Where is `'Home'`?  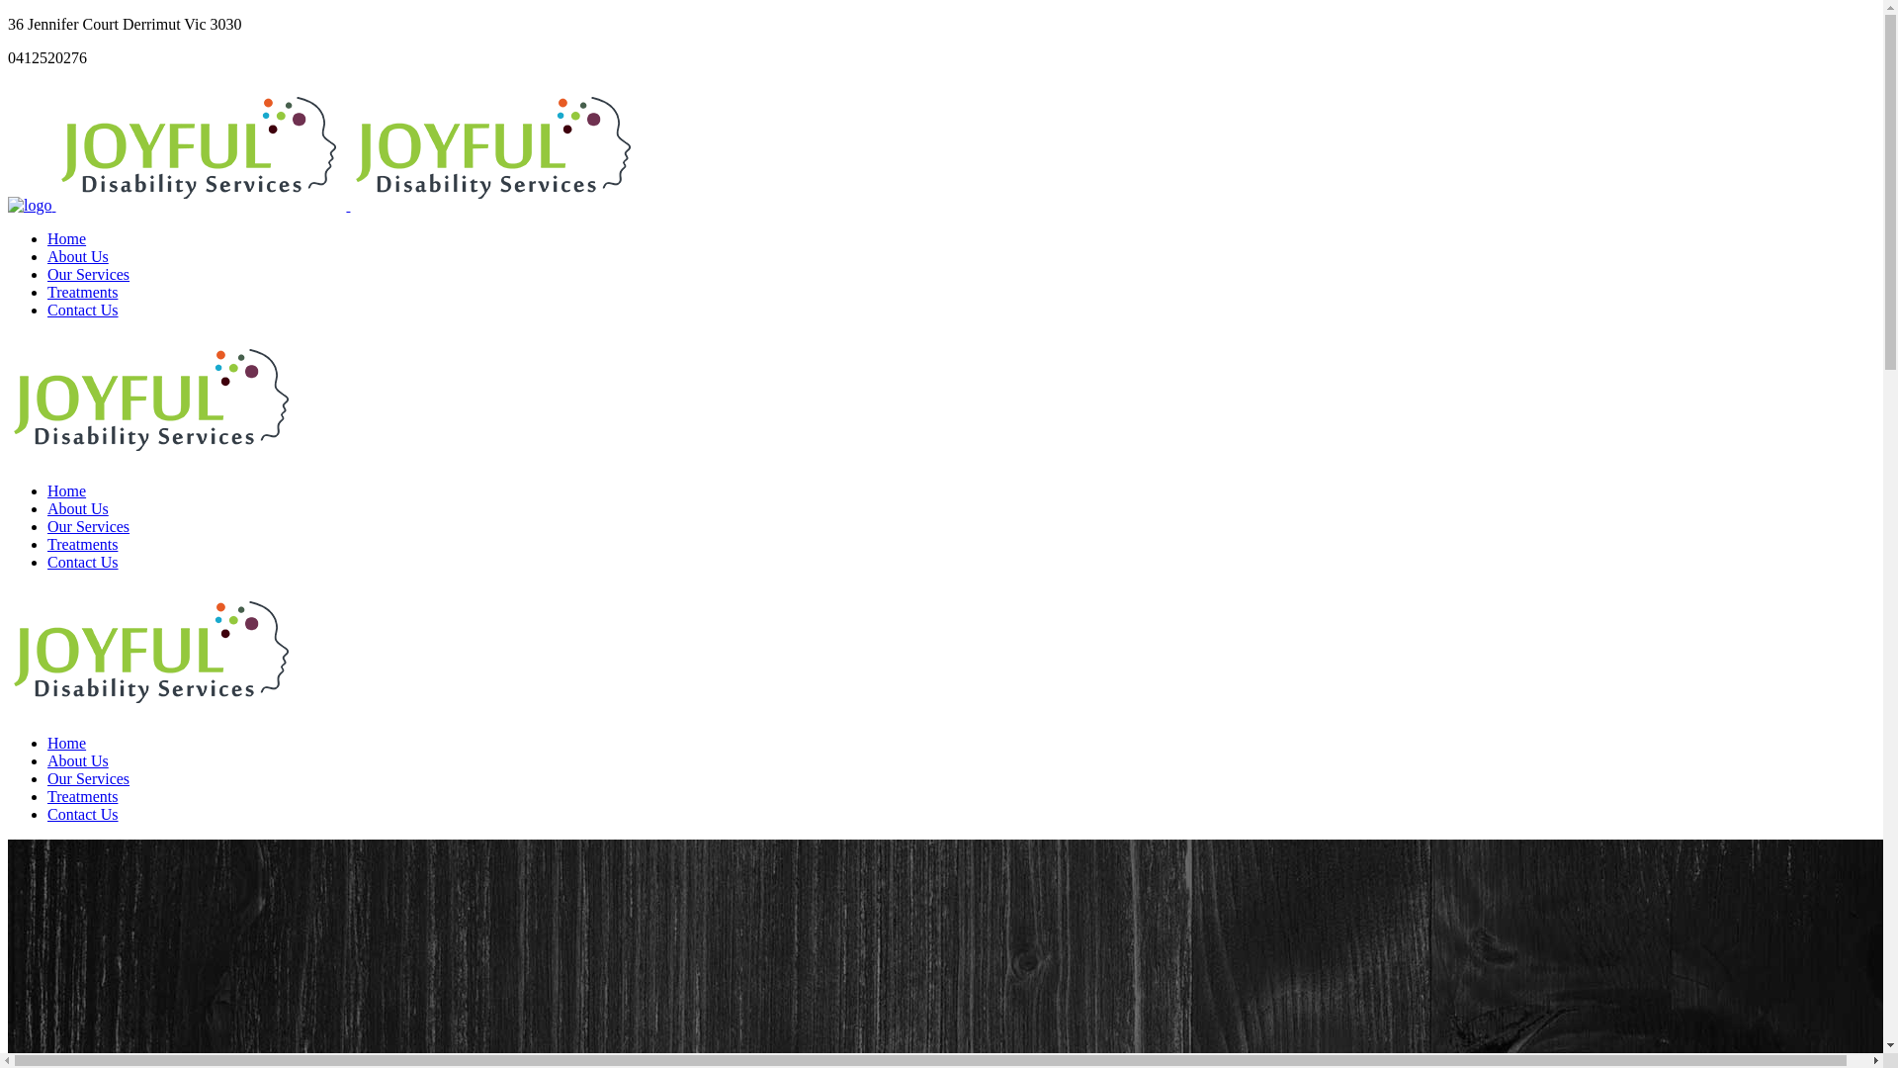
'Home' is located at coordinates (66, 743).